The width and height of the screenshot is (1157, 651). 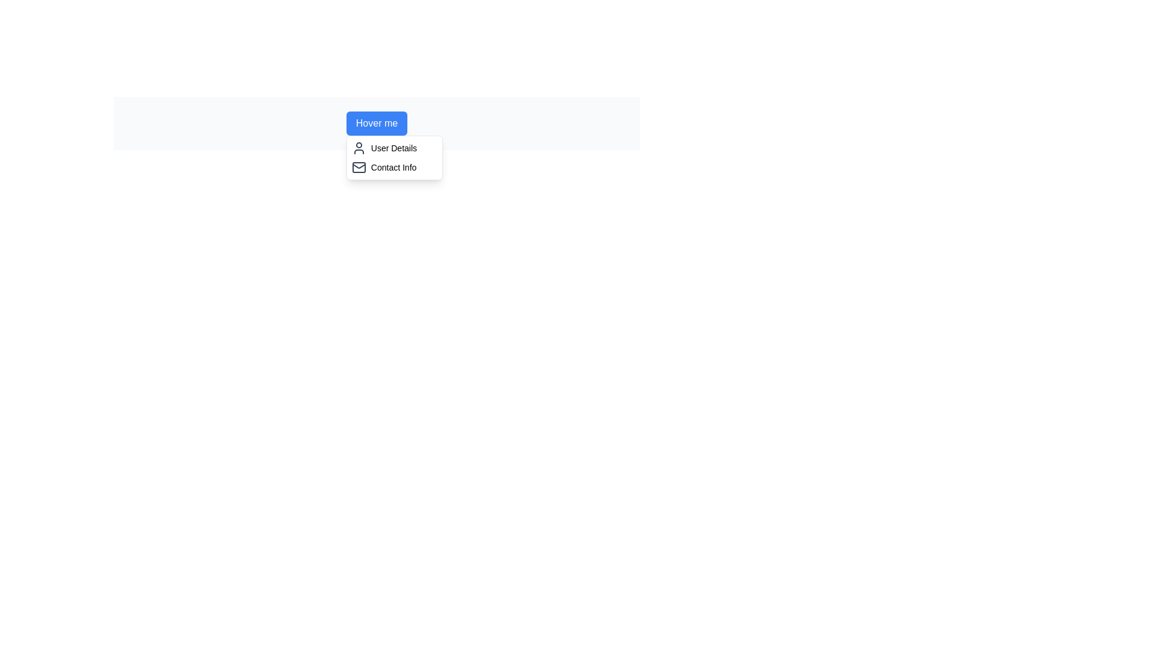 What do you see at coordinates (358, 148) in the screenshot?
I see `the user icon graphic, which has a circular head and shoulder outline in dark gray, located to the left of the text 'User Details' in the dropdown menu, to initiate an action related to user details` at bounding box center [358, 148].